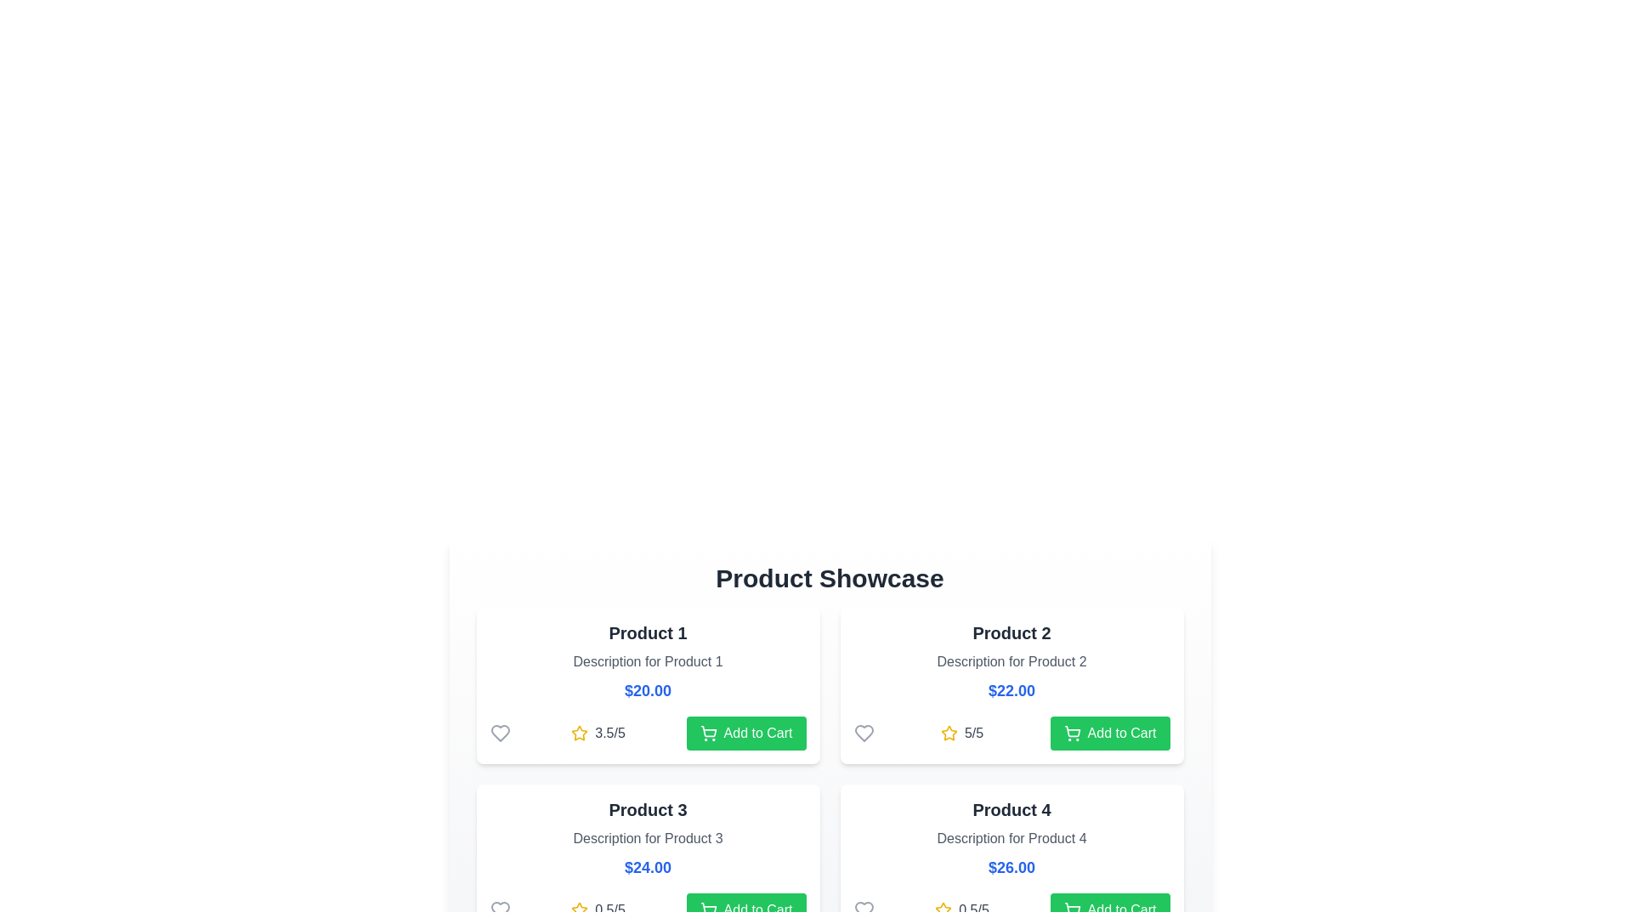 The image size is (1632, 918). I want to click on the numerical rating text of the Rating display for 'Product 1', which indicates a score of 3.5 out of 5, located under the product description and price, to the left of the 'Add to Cart' button, so click(598, 733).